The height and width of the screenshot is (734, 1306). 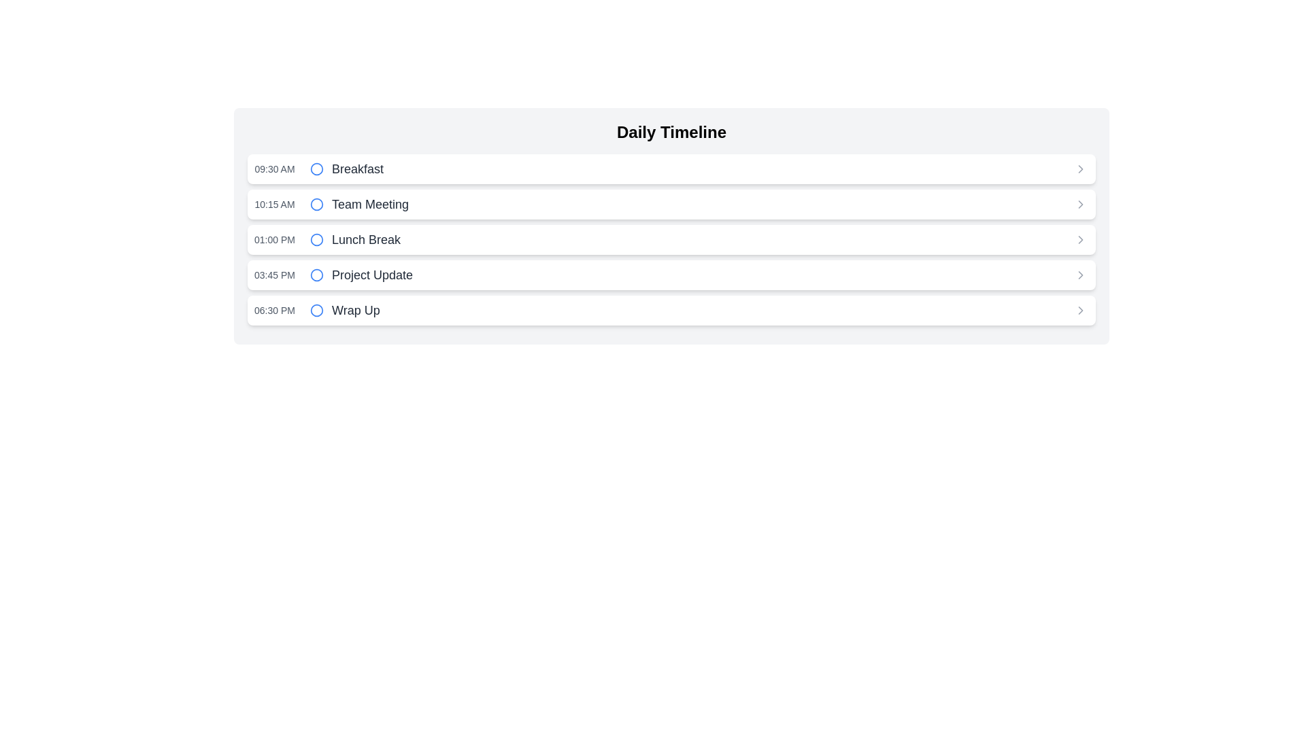 What do you see at coordinates (1079, 310) in the screenshot?
I see `the rightmost chevron icon styled as a right-pointing arrow in the 'Wrap Up' row of the 'Daily Timeline' layout to change its style` at bounding box center [1079, 310].